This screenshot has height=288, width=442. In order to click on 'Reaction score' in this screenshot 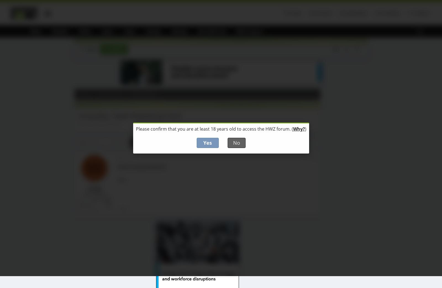, I will do `click(78, 209)`.